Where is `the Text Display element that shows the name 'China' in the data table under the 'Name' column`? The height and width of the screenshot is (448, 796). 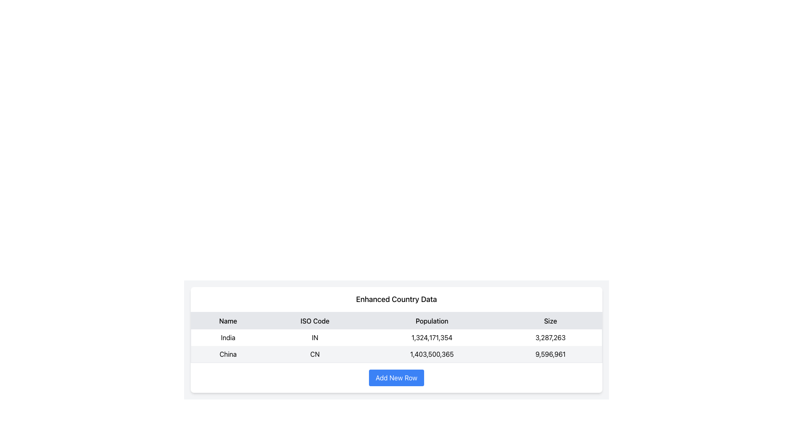
the Text Display element that shows the name 'China' in the data table under the 'Name' column is located at coordinates (228, 354).